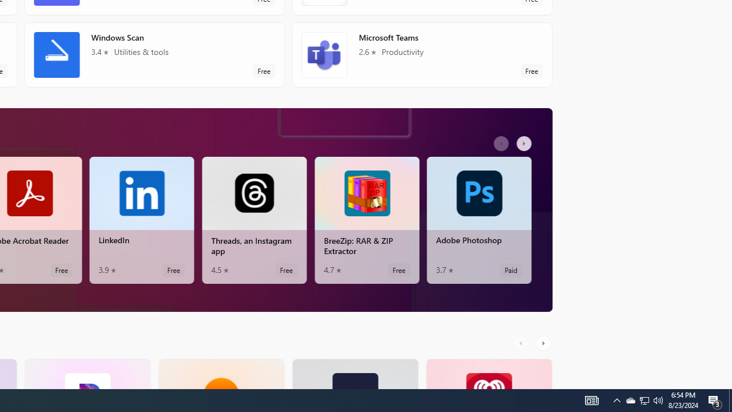 The height and width of the screenshot is (412, 732). What do you see at coordinates (141, 220) in the screenshot?
I see `'LinkedIn. Average rating of 3.9 out of five stars. Free  '` at bounding box center [141, 220].